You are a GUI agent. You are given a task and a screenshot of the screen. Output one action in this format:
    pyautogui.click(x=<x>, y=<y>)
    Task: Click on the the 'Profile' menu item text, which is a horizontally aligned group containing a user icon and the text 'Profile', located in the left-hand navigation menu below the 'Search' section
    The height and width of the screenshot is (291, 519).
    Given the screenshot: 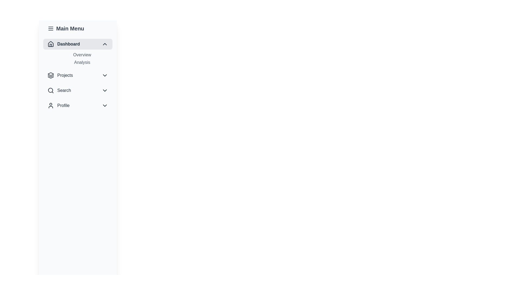 What is the action you would take?
    pyautogui.click(x=58, y=106)
    